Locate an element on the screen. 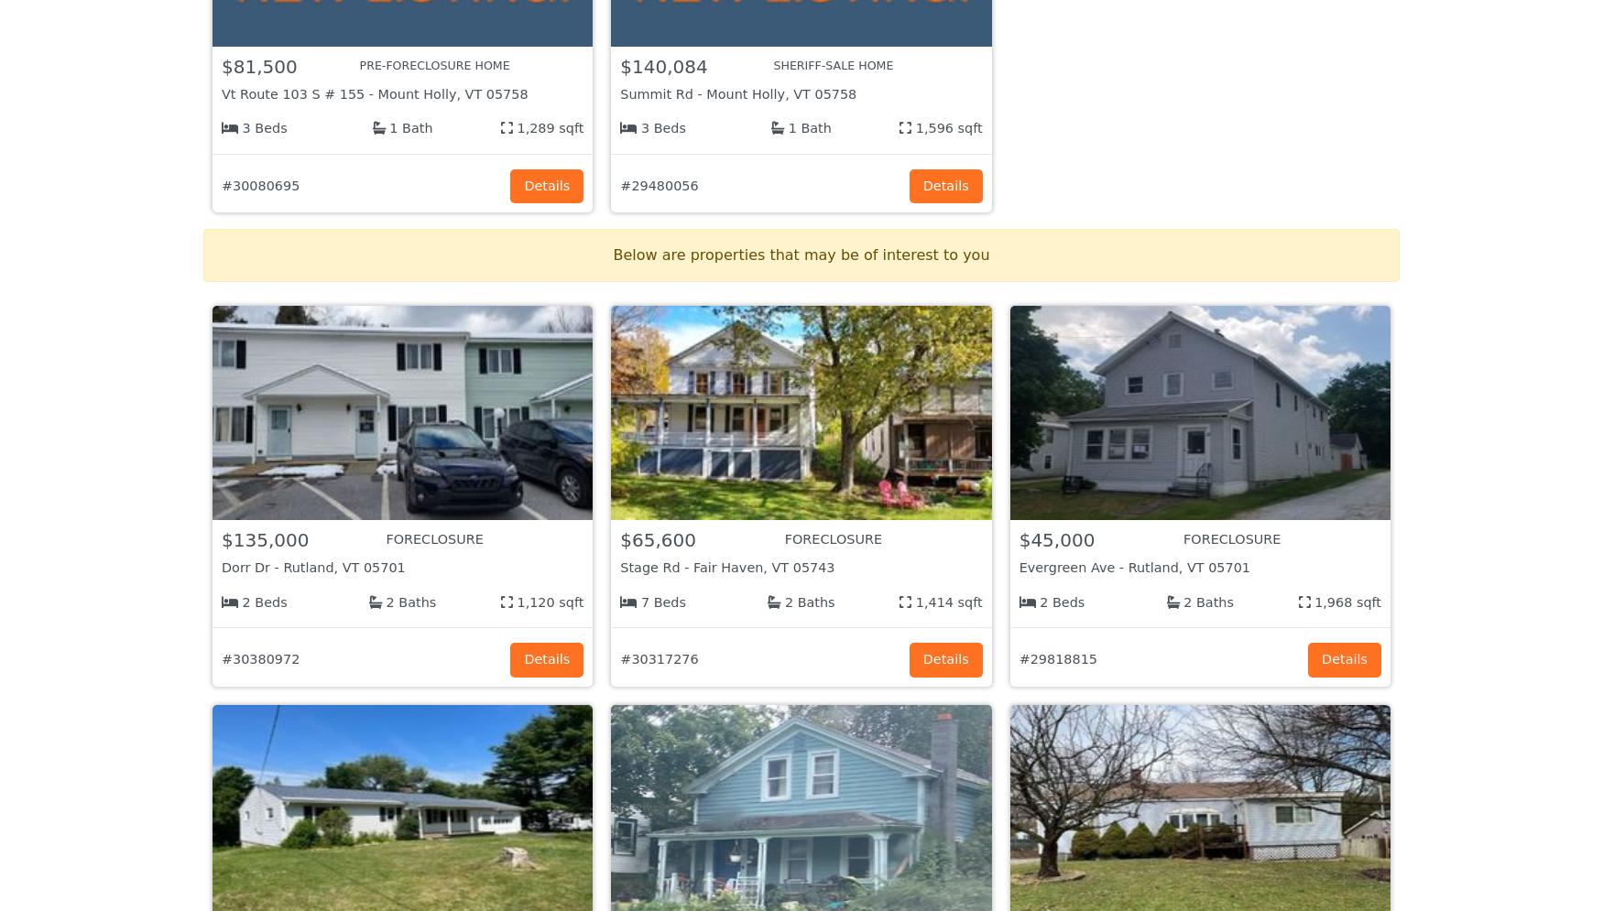  'Mobile Version' is located at coordinates (978, 716).